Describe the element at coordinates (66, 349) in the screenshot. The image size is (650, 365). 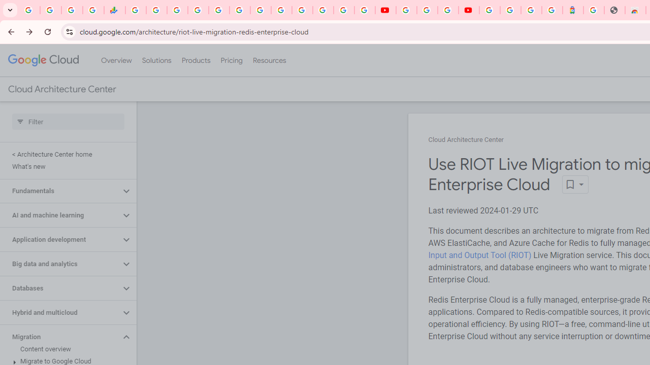
I see `'Content overview'` at that location.